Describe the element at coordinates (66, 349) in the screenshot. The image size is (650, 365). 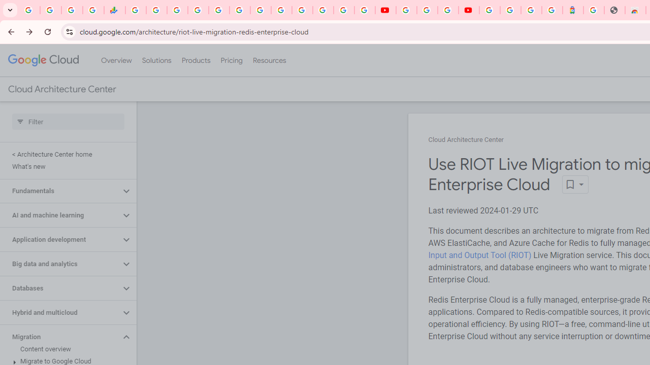
I see `'Content overview'` at that location.